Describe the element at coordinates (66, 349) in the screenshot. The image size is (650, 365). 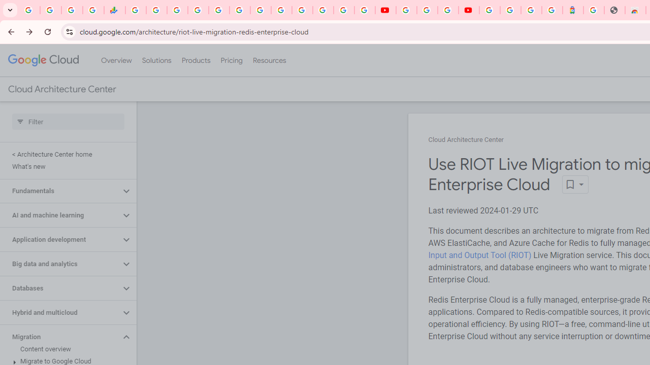
I see `'Content overview'` at that location.